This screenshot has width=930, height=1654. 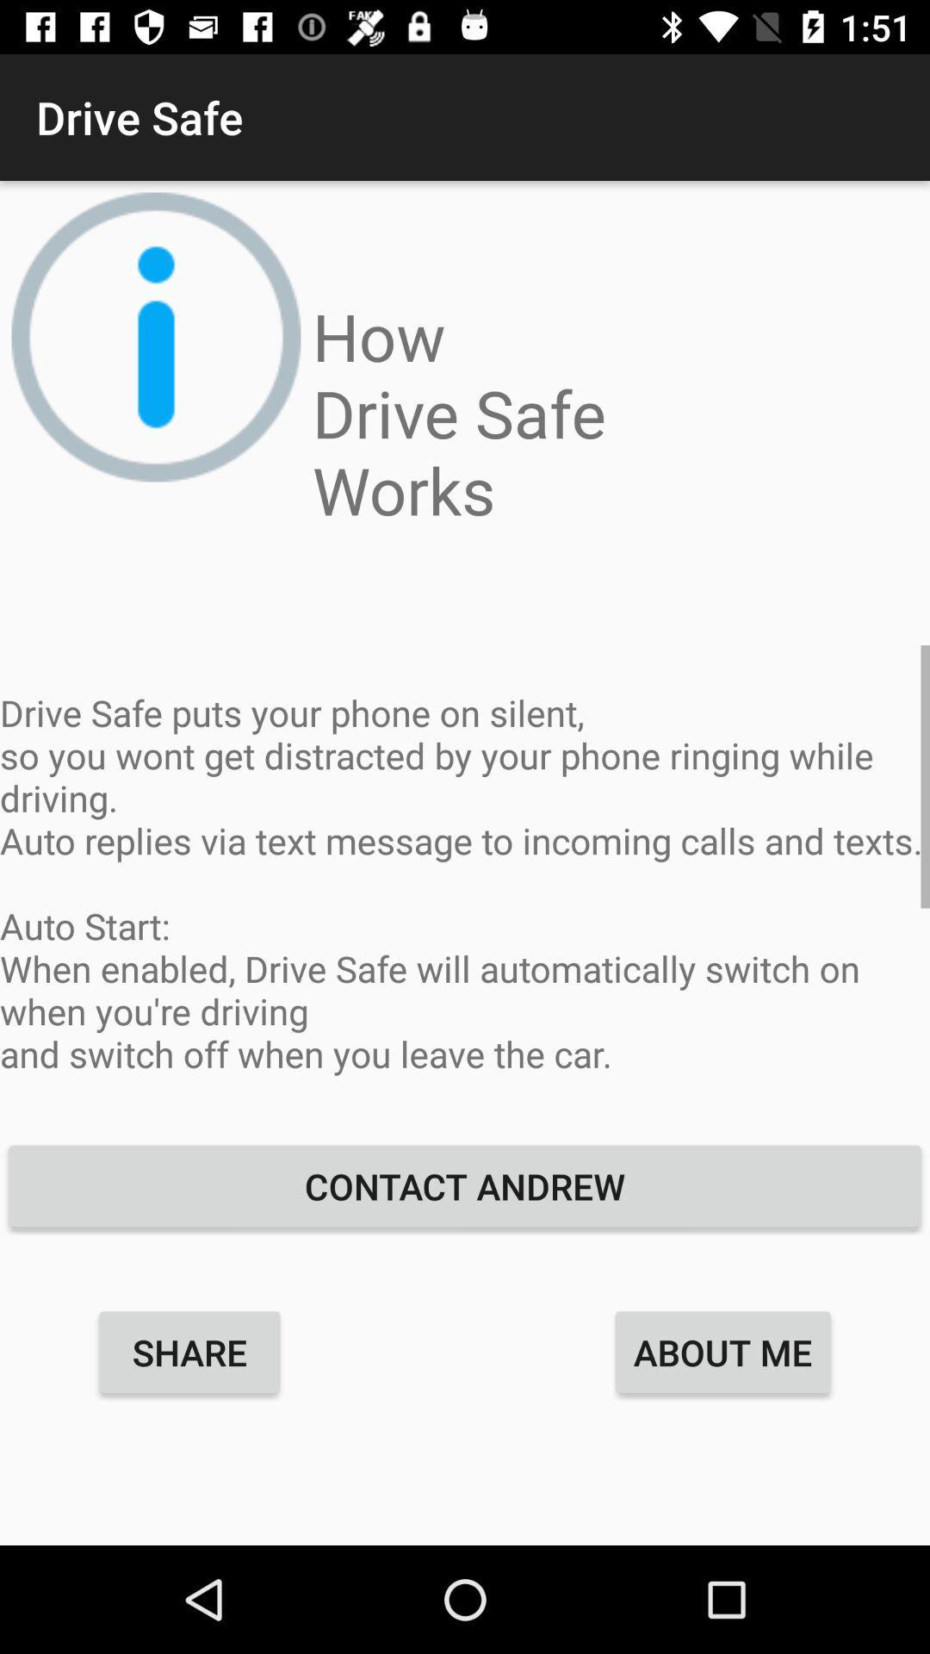 I want to click on the item to the left of about me icon, so click(x=189, y=1351).